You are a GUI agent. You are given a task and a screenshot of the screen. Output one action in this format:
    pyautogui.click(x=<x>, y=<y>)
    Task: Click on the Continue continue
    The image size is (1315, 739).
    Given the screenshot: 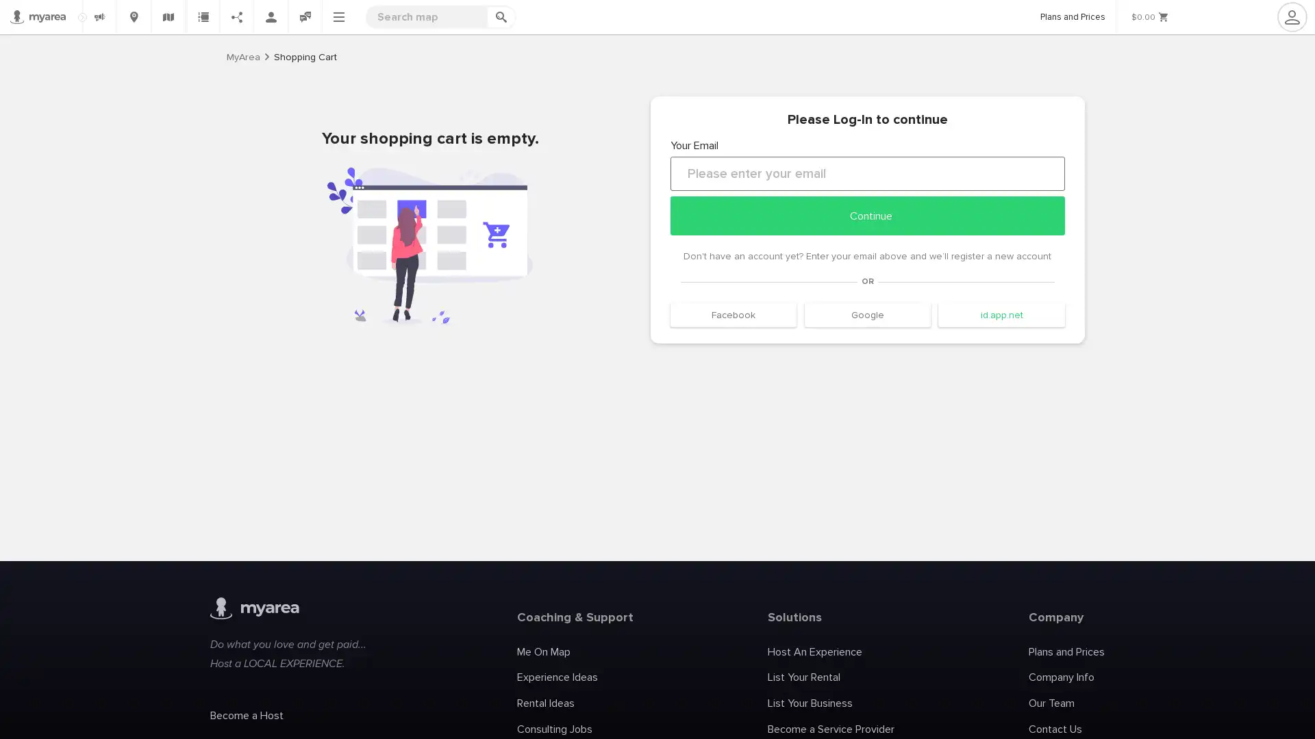 What is the action you would take?
    pyautogui.click(x=866, y=216)
    